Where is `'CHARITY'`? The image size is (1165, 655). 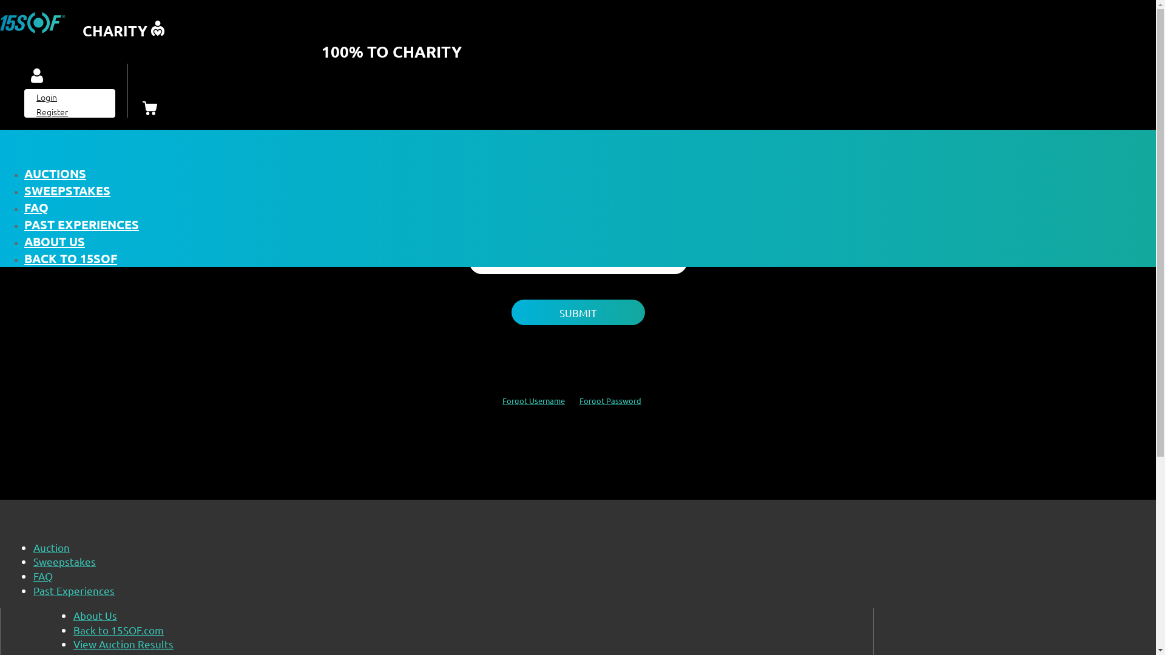
'CHARITY' is located at coordinates (0, 28).